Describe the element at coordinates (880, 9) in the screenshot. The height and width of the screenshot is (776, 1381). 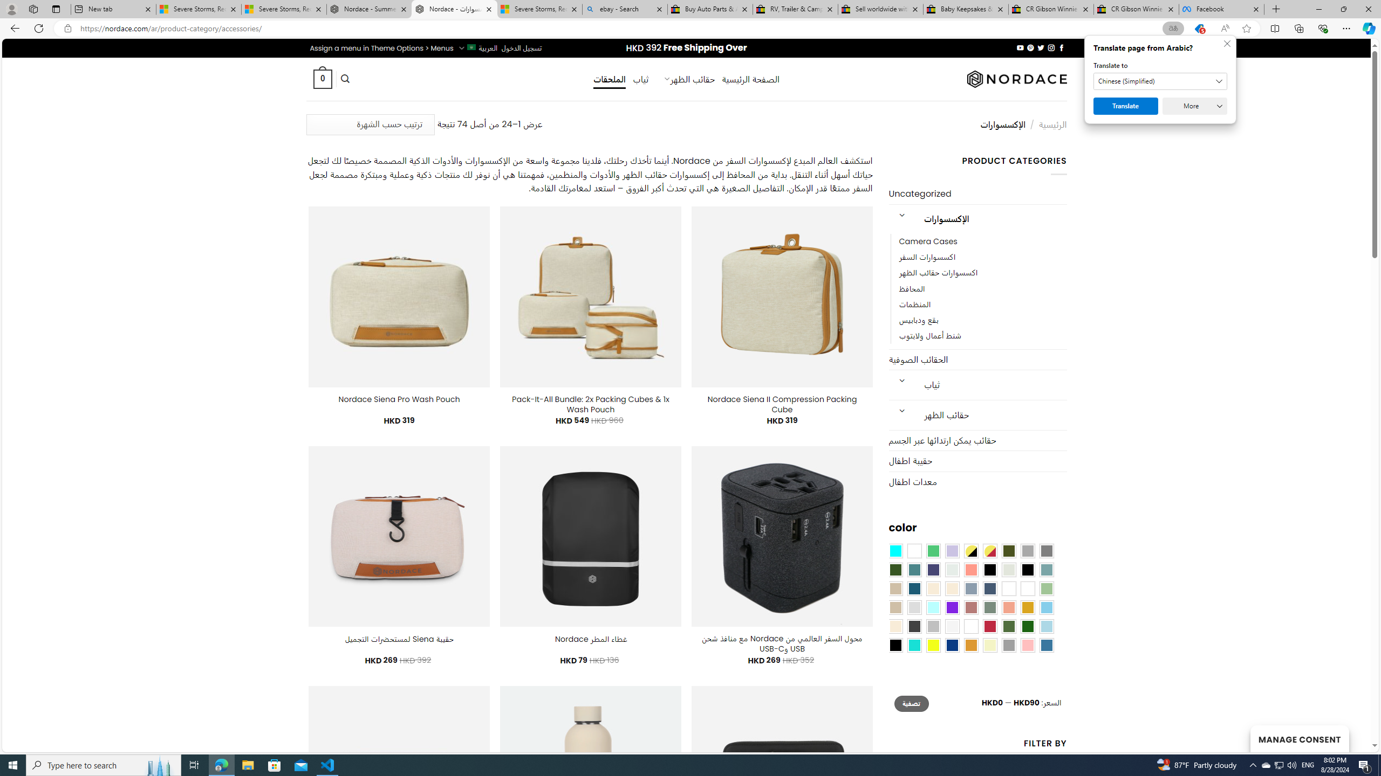
I see `'Sell worldwide with eBay'` at that location.